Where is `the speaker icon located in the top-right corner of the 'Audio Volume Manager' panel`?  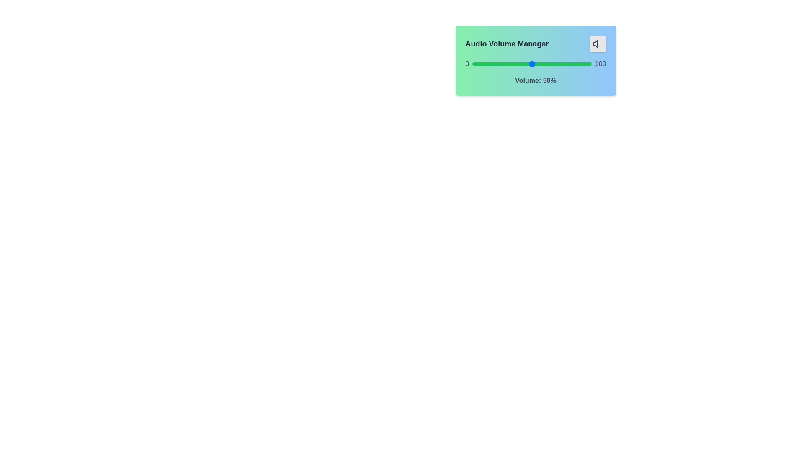 the speaker icon located in the top-right corner of the 'Audio Volume Manager' panel is located at coordinates (597, 44).